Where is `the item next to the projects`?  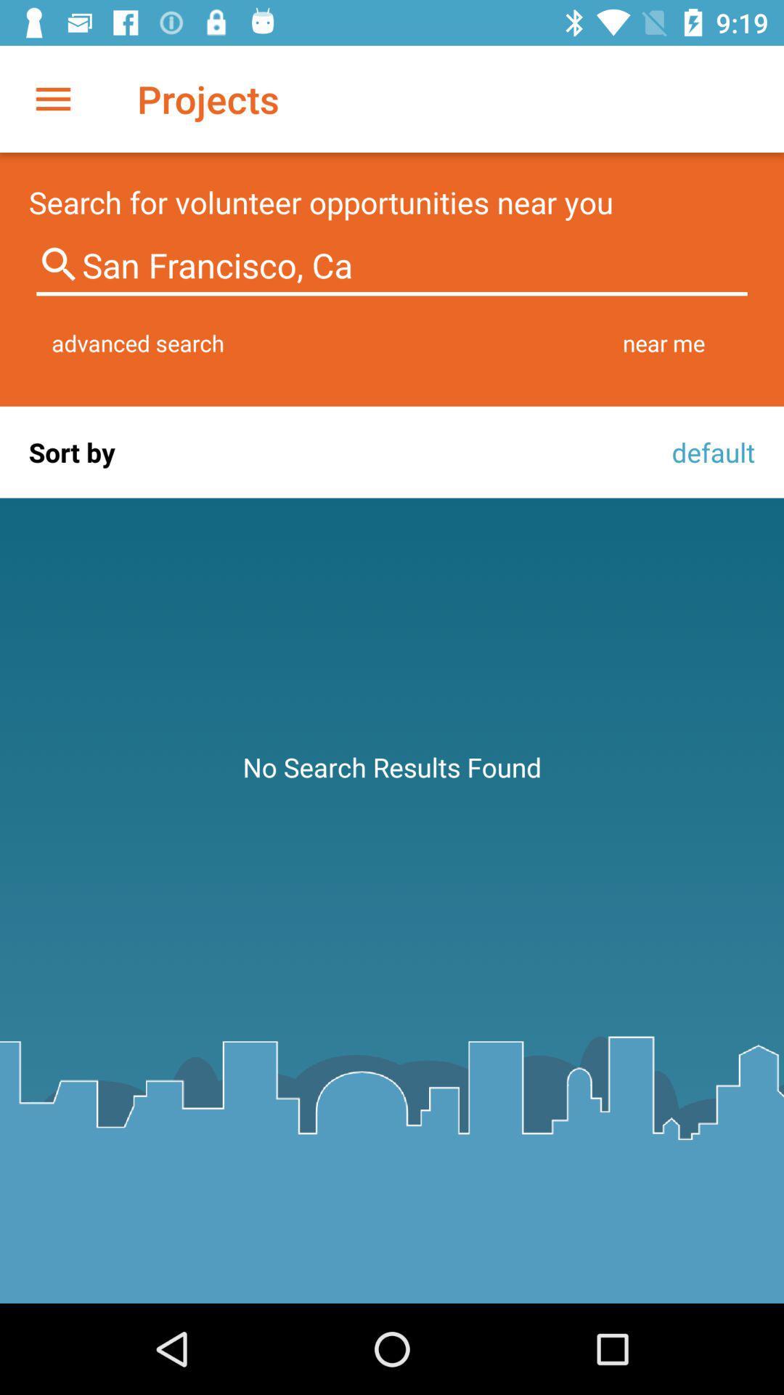
the item next to the projects is located at coordinates (52, 98).